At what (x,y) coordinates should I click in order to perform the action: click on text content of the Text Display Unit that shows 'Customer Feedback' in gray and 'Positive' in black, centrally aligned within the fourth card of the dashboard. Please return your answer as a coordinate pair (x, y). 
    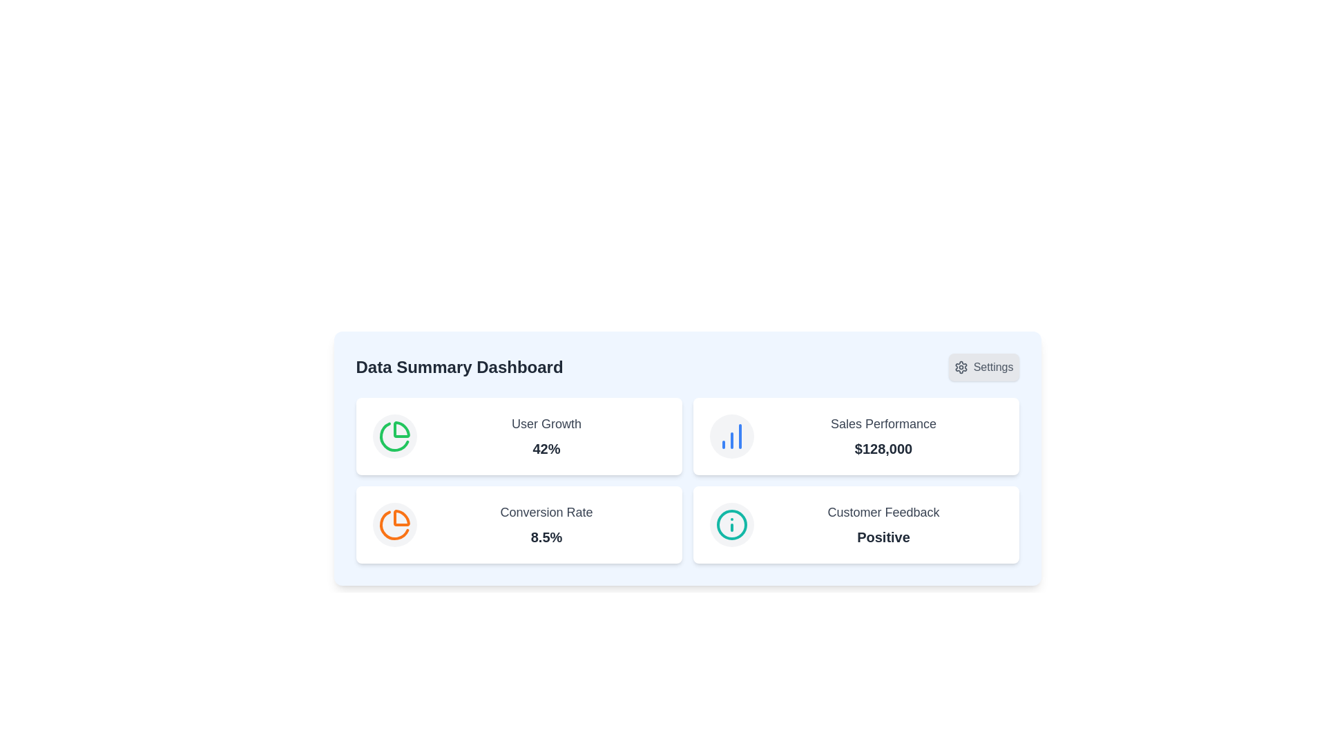
    Looking at the image, I should click on (883, 524).